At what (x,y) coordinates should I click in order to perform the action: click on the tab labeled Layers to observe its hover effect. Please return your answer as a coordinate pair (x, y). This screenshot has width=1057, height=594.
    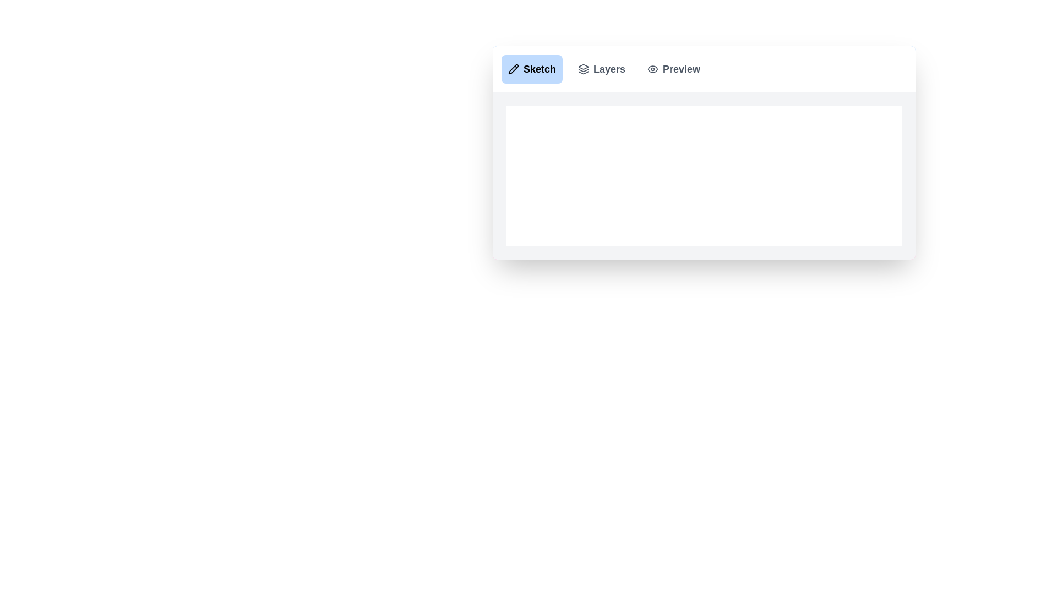
    Looking at the image, I should click on (601, 69).